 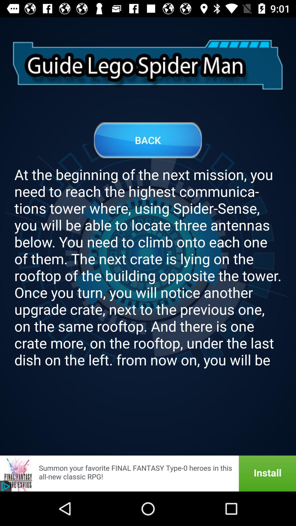 What do you see at coordinates (148, 473) in the screenshot?
I see `install the app` at bounding box center [148, 473].